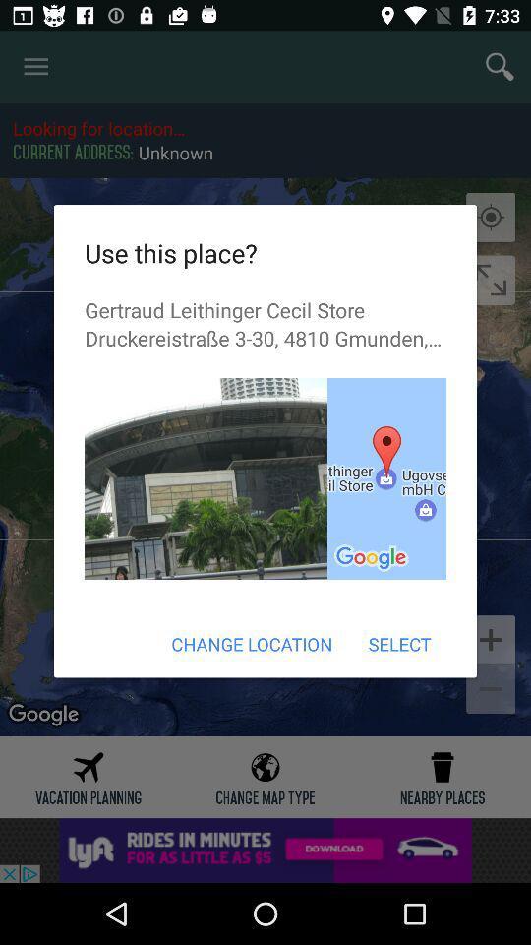  What do you see at coordinates (252, 643) in the screenshot?
I see `change location item` at bounding box center [252, 643].